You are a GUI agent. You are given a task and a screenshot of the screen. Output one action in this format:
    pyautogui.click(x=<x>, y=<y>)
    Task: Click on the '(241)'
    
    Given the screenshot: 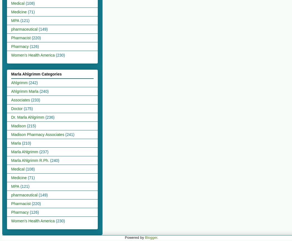 What is the action you would take?
    pyautogui.click(x=70, y=134)
    